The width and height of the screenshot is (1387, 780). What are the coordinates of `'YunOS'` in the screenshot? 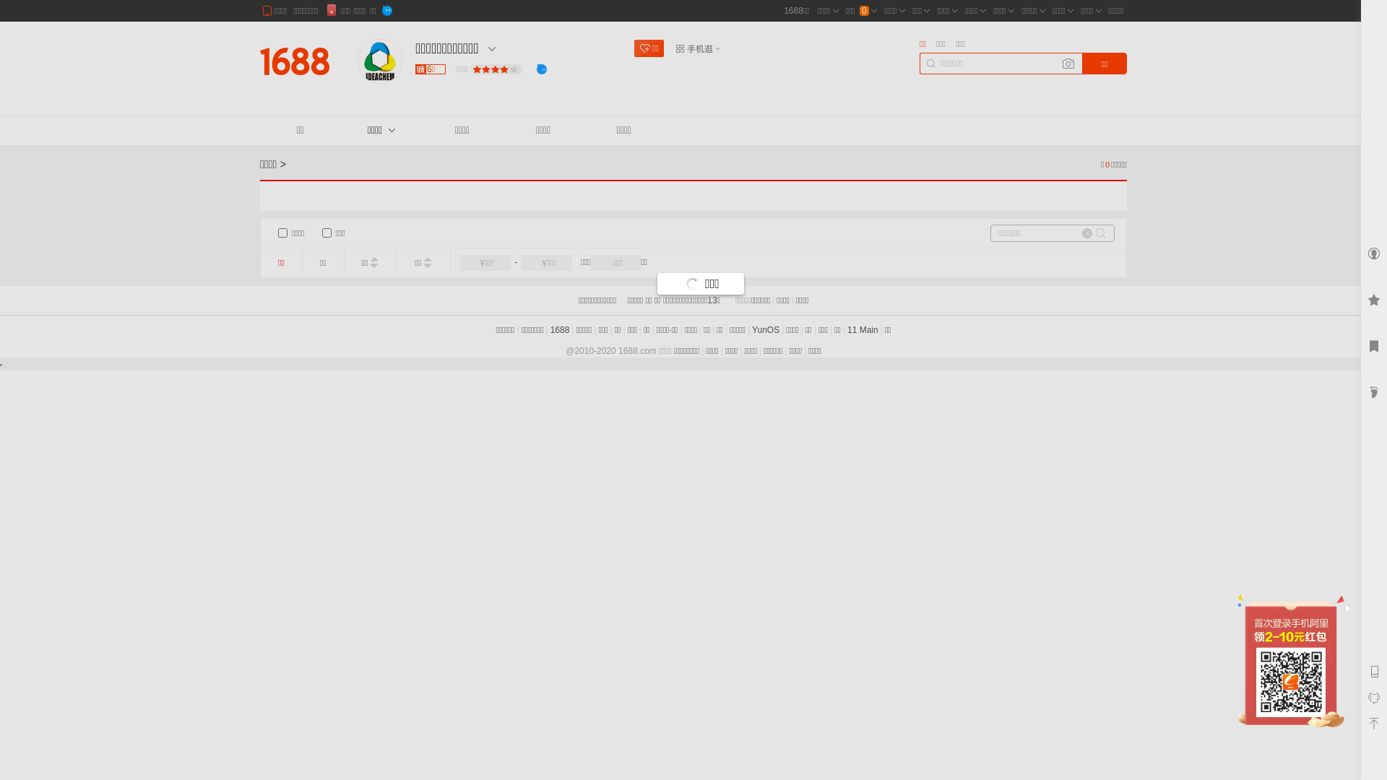 It's located at (751, 329).